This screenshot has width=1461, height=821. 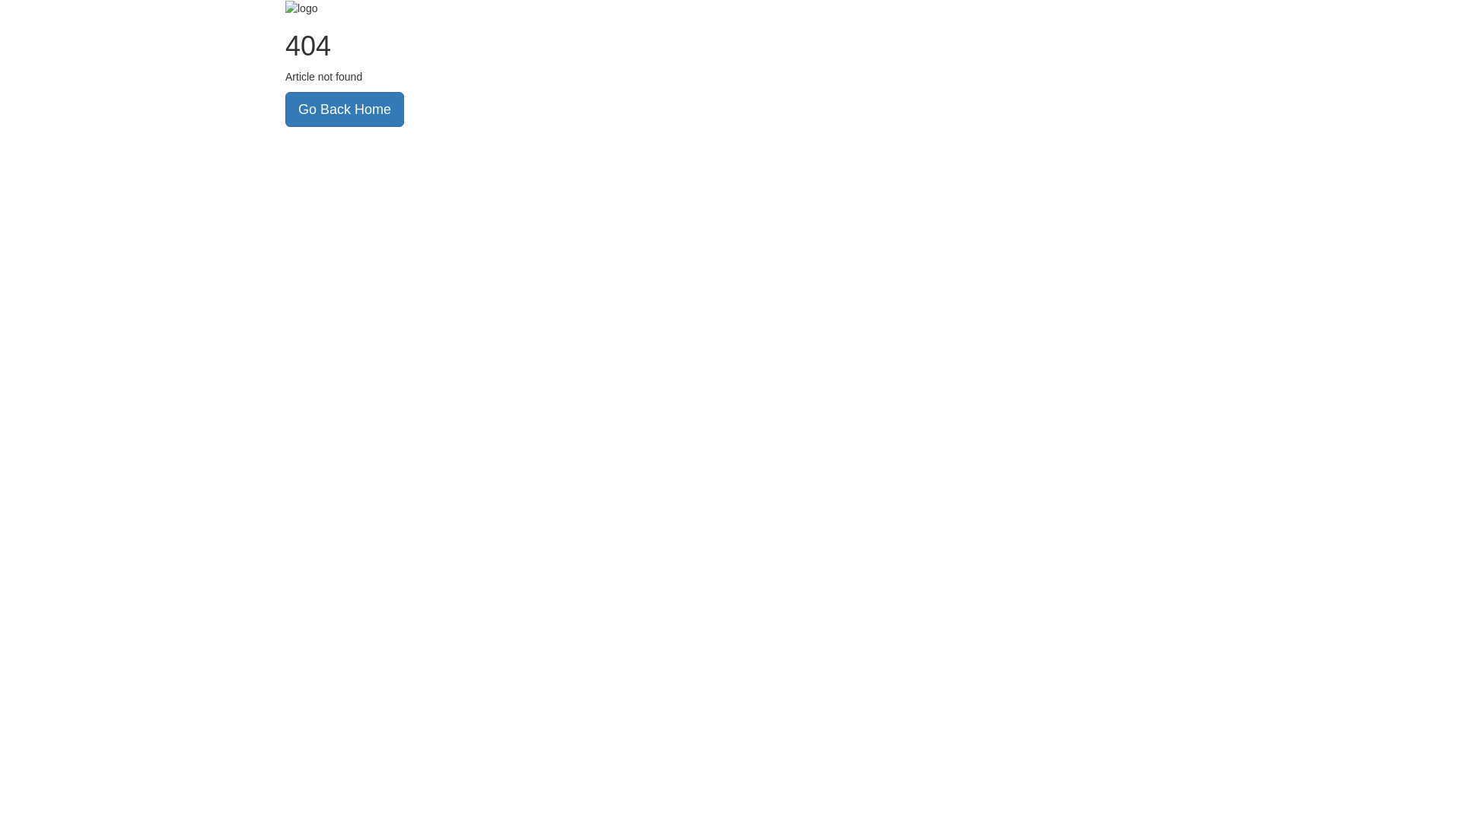 I want to click on 'Go Back Home', so click(x=285, y=108).